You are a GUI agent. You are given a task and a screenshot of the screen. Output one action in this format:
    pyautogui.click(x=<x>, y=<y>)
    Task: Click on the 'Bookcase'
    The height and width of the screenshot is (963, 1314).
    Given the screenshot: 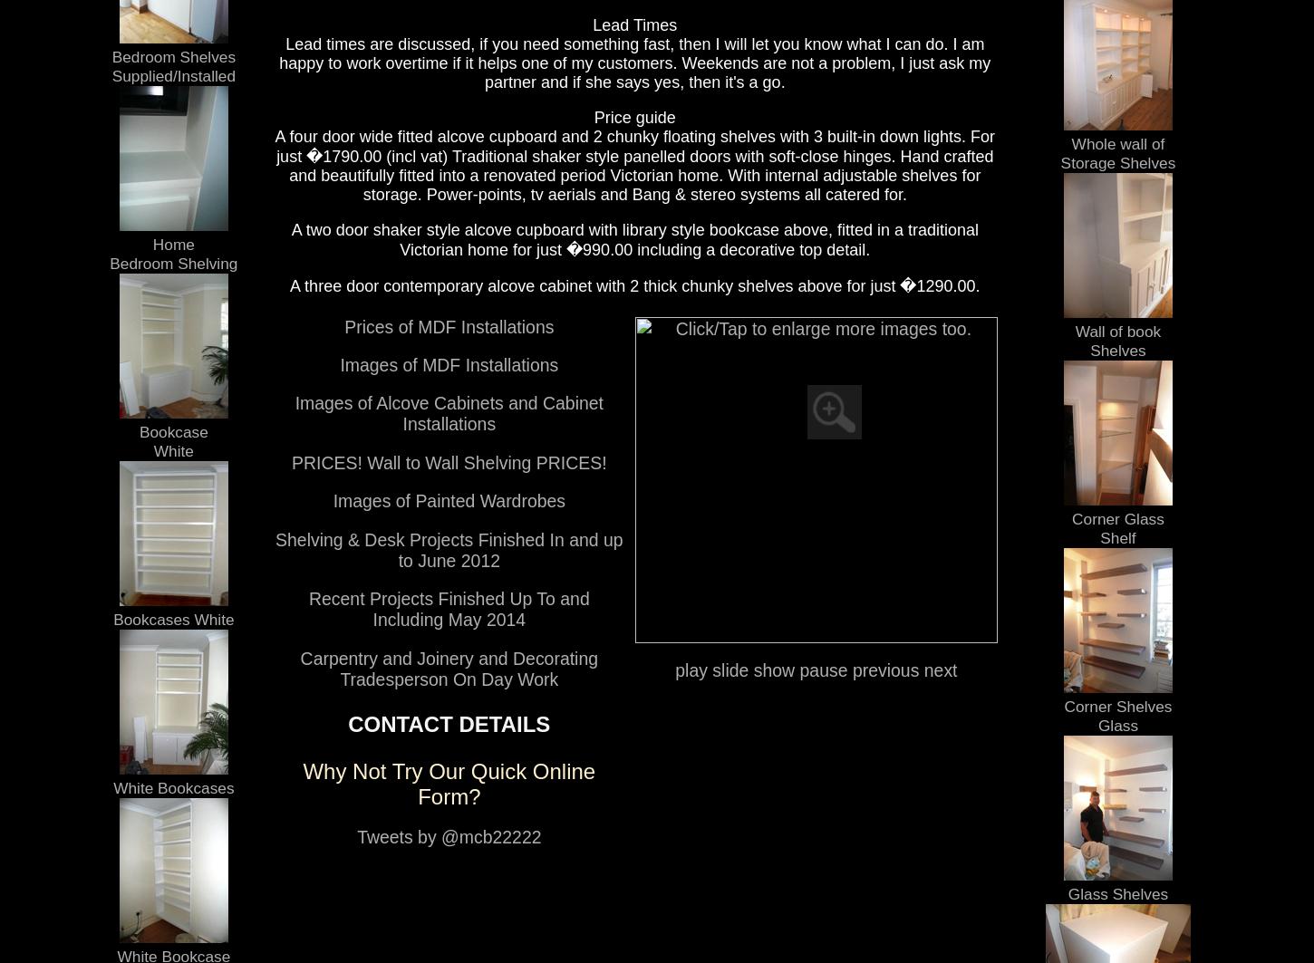 What is the action you would take?
    pyautogui.click(x=137, y=431)
    